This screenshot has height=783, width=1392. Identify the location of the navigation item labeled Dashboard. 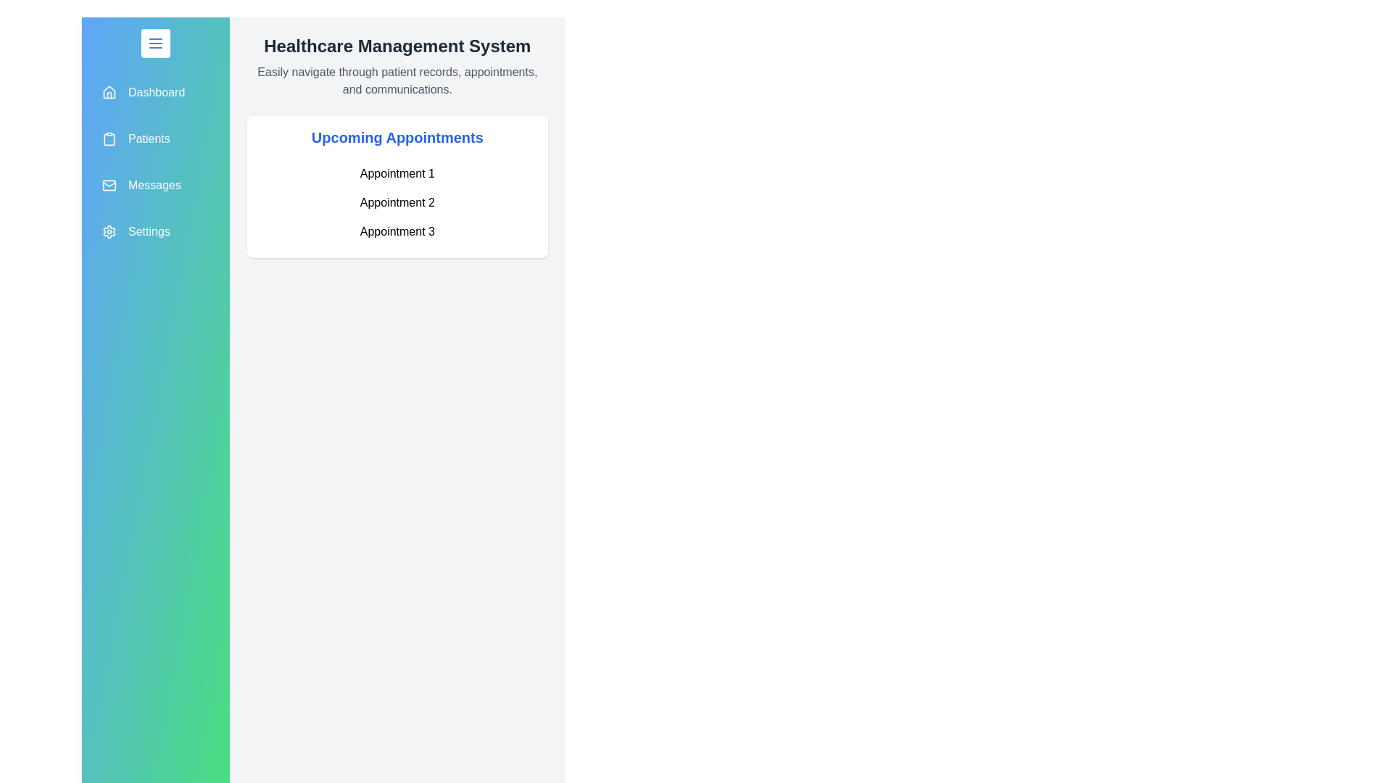
(155, 92).